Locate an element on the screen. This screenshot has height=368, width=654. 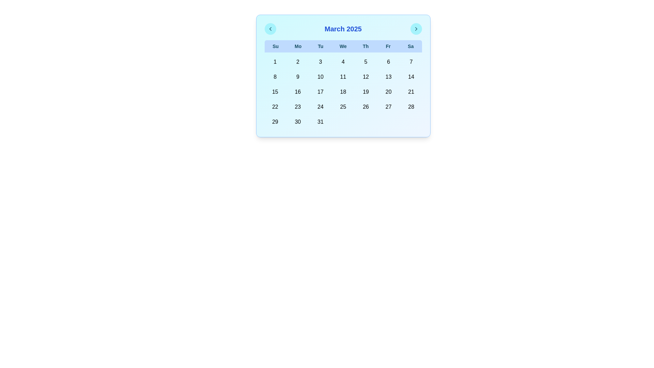
the calendar day cell representing the 28th day of March 2025 is located at coordinates (411, 107).